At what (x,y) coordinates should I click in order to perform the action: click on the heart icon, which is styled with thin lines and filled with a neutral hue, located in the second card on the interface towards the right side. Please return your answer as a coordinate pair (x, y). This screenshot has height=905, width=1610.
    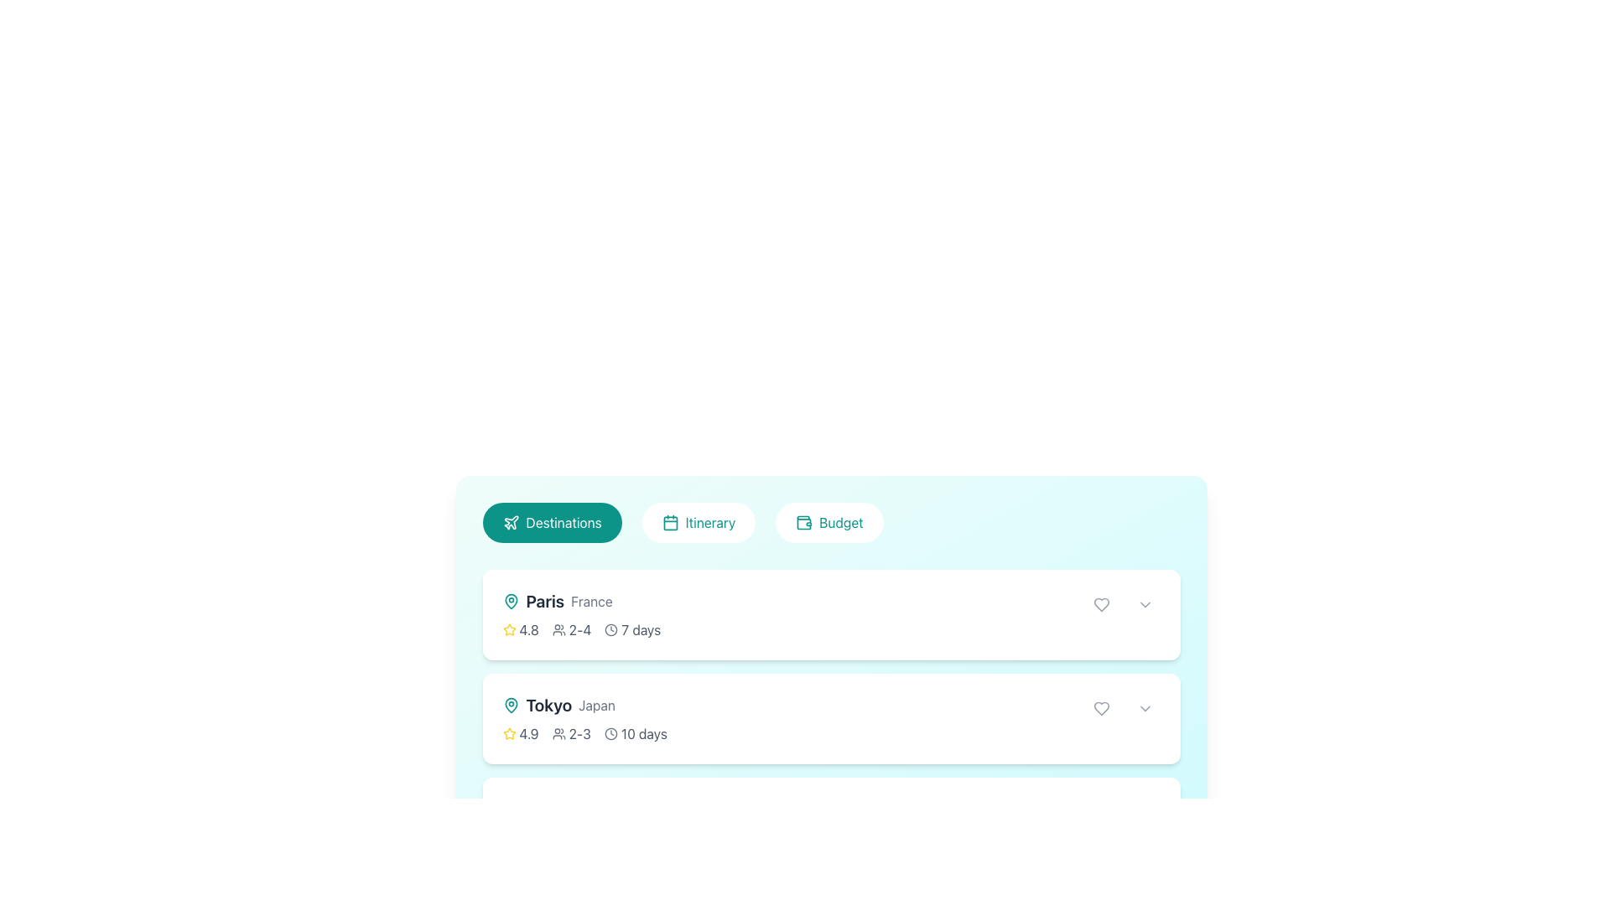
    Looking at the image, I should click on (1101, 708).